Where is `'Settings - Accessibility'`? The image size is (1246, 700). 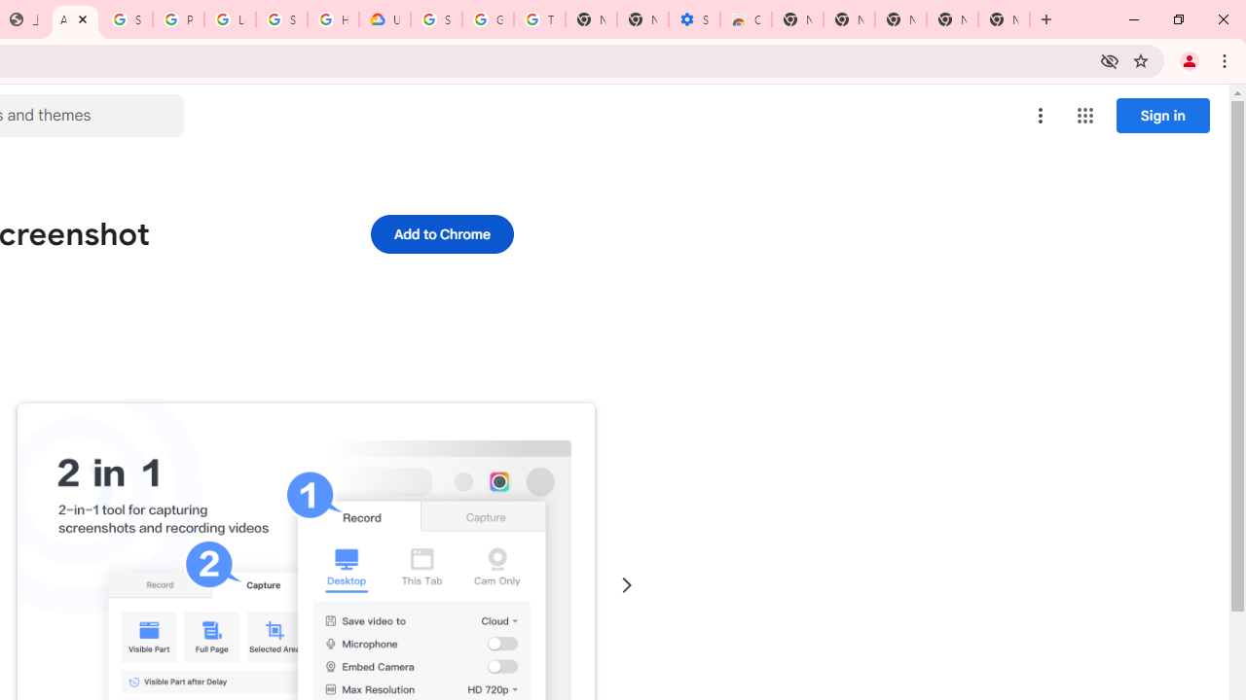 'Settings - Accessibility' is located at coordinates (694, 19).